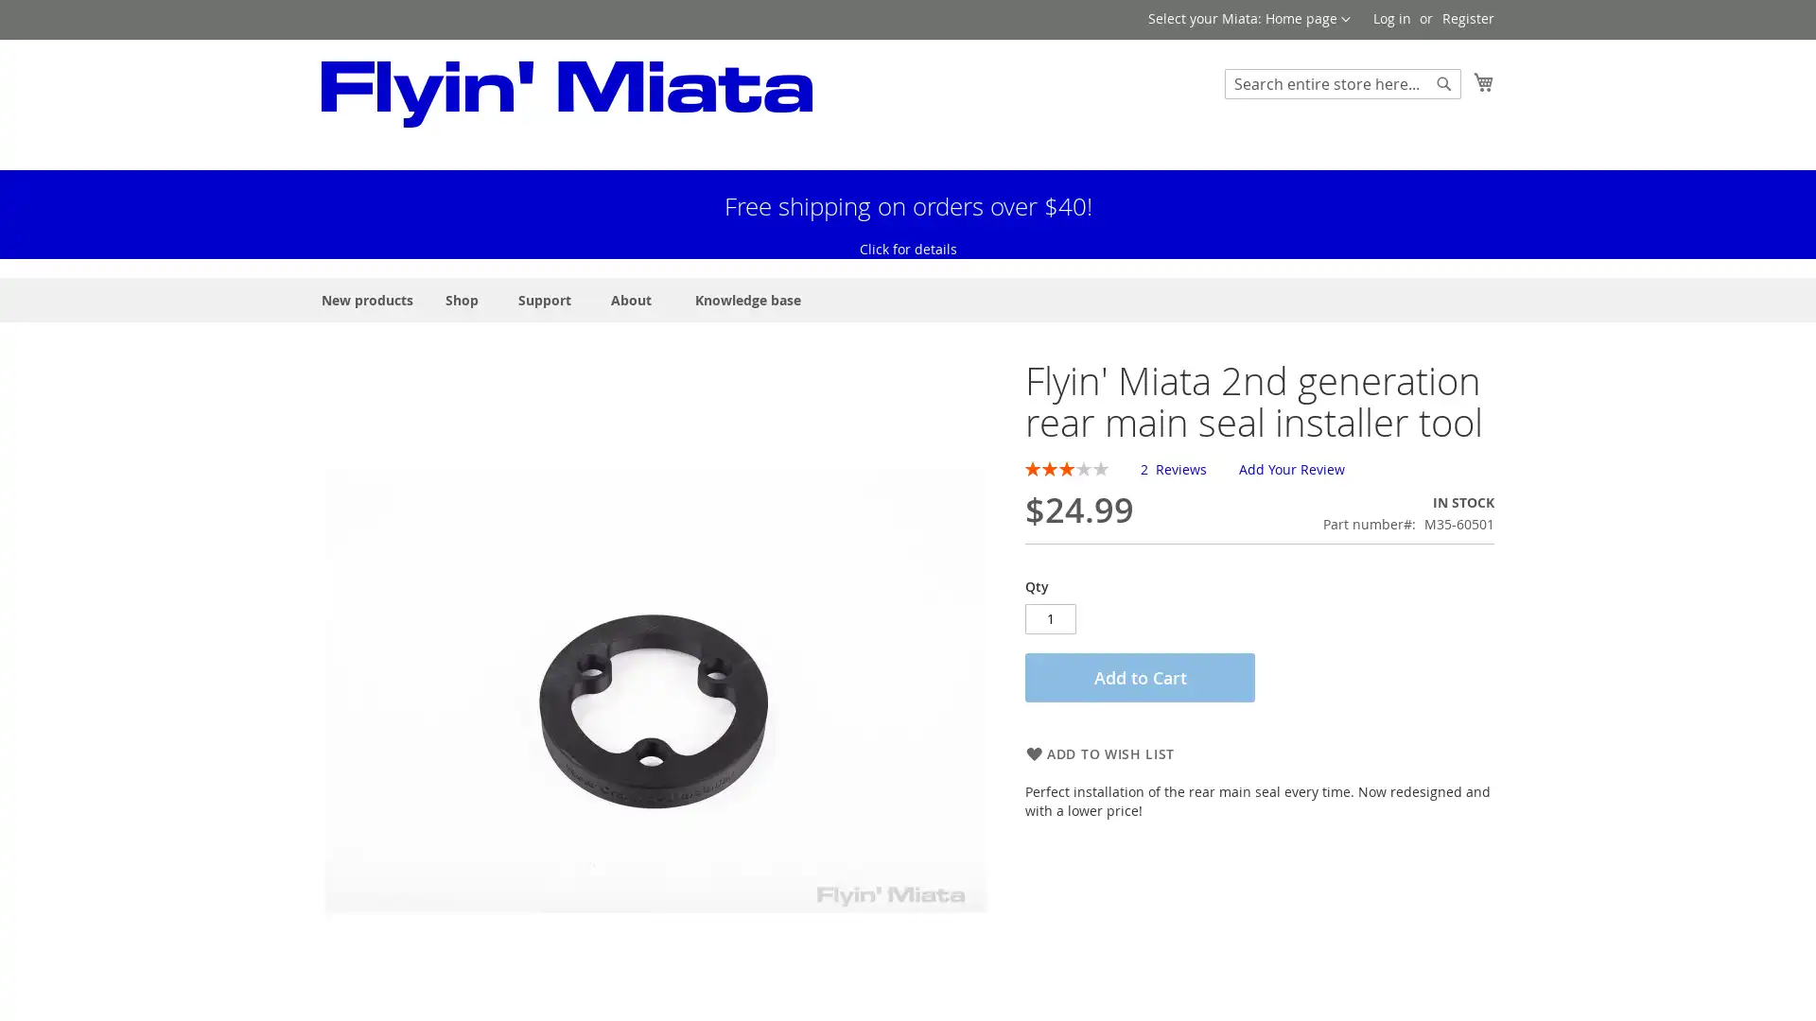  I want to click on Search, so click(1442, 82).